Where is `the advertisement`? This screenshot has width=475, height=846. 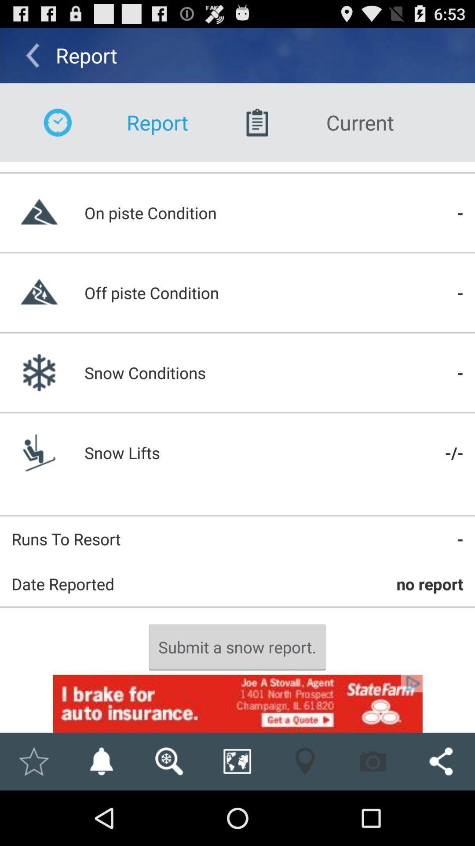 the advertisement is located at coordinates (237, 703).